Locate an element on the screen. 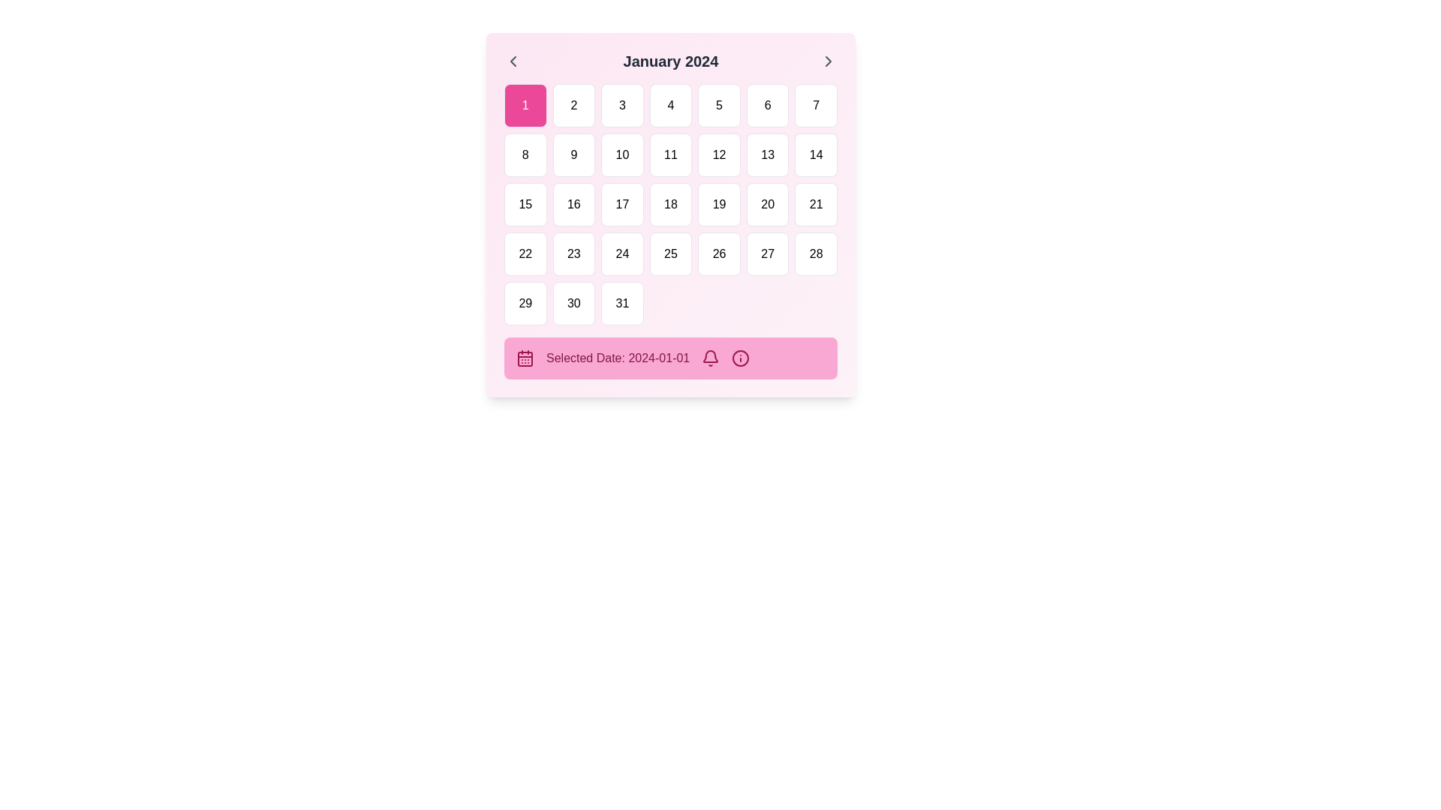  the small left-pointing chevron-shaped arrow icon located near the top-left of the calendar widget is located at coordinates (513, 60).